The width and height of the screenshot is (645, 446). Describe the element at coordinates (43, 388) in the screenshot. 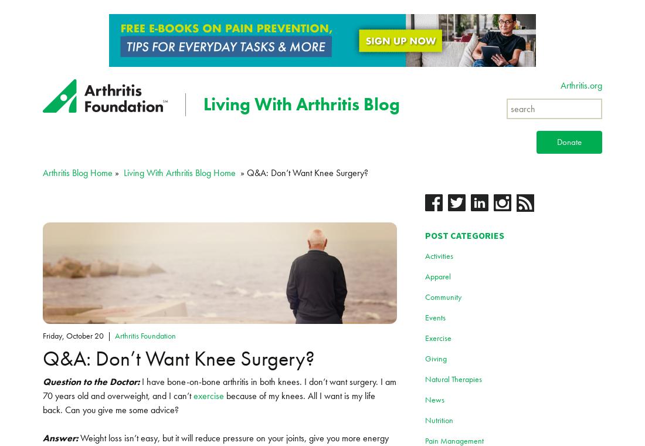

I see `'I have bone-on-bone arthritis in both knees. I don’t want surgery. I am 70 years old and overweight, and I can’t'` at that location.